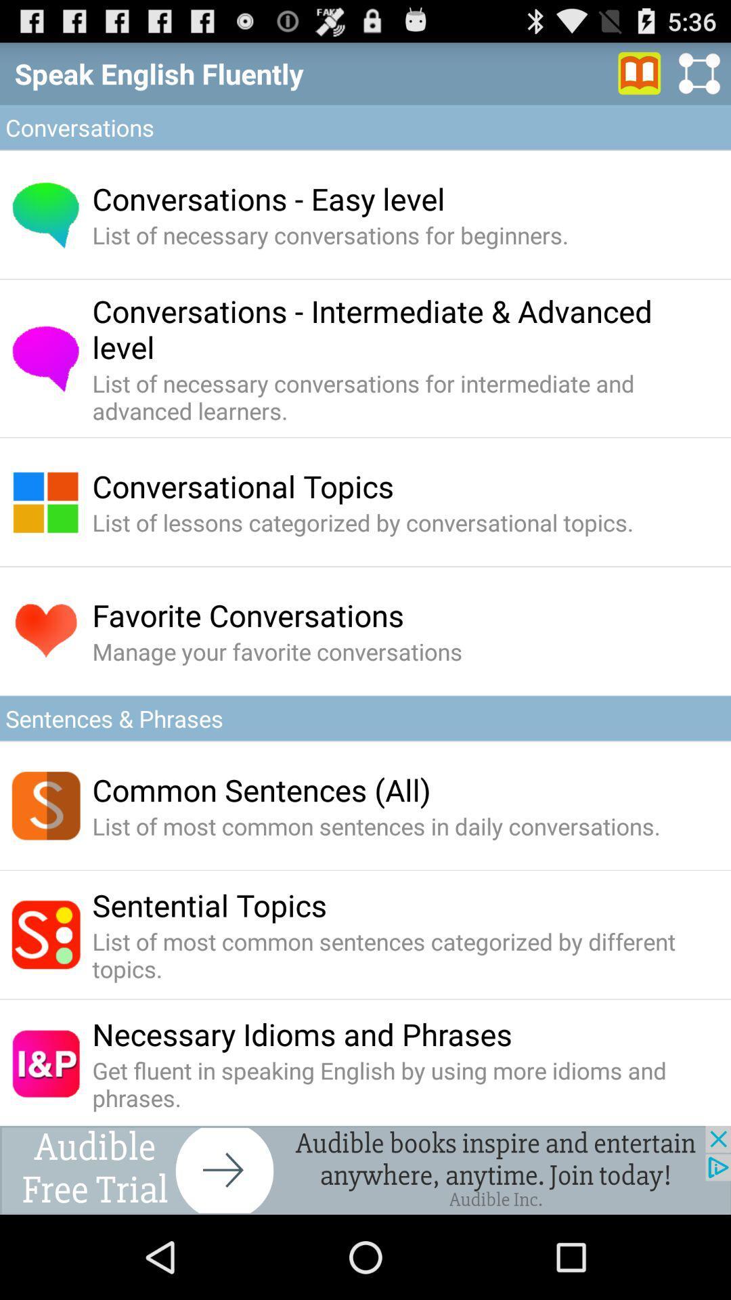 Image resolution: width=731 pixels, height=1300 pixels. What do you see at coordinates (640, 78) in the screenshot?
I see `the book icon` at bounding box center [640, 78].